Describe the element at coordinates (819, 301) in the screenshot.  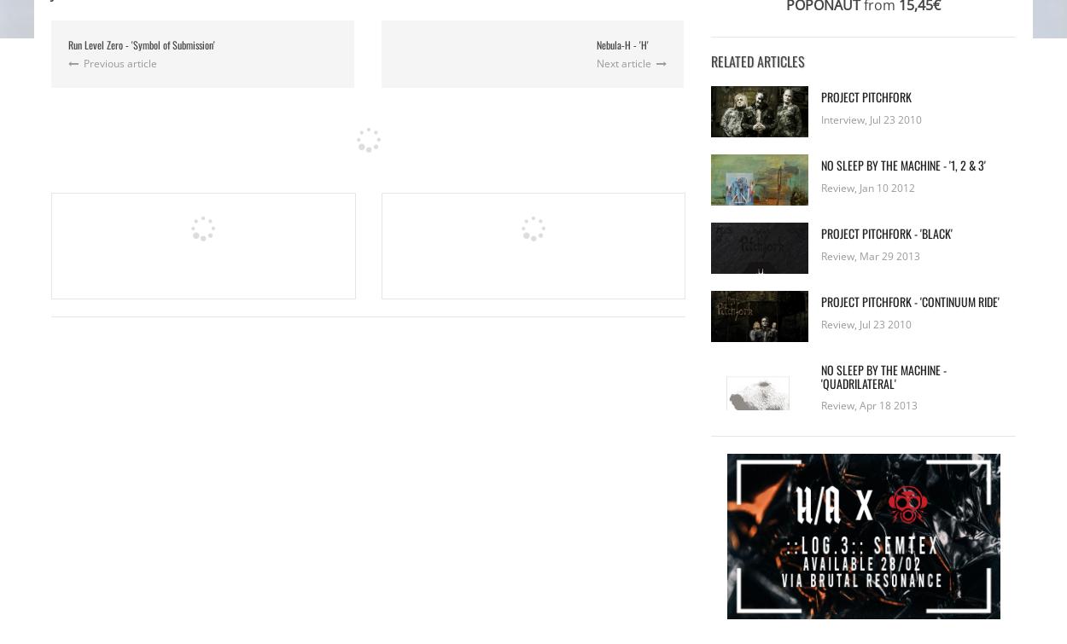
I see `'Project Pitchfork - 'Continuum Ride''` at that location.